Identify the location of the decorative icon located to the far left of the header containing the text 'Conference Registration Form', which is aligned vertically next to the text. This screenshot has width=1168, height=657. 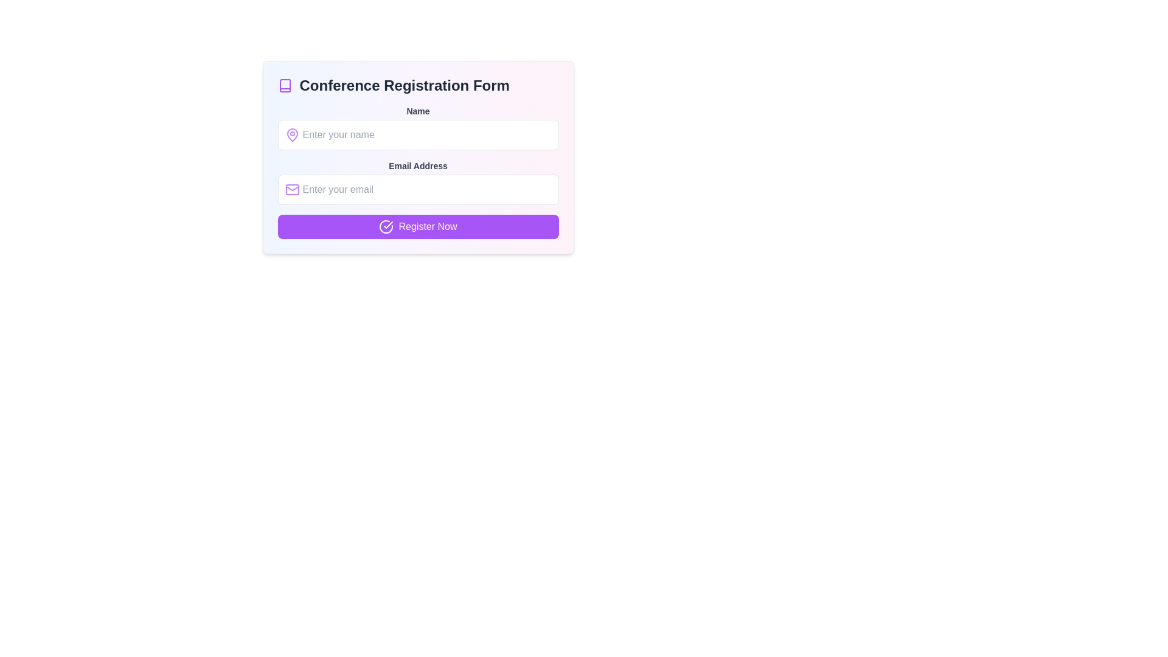
(284, 85).